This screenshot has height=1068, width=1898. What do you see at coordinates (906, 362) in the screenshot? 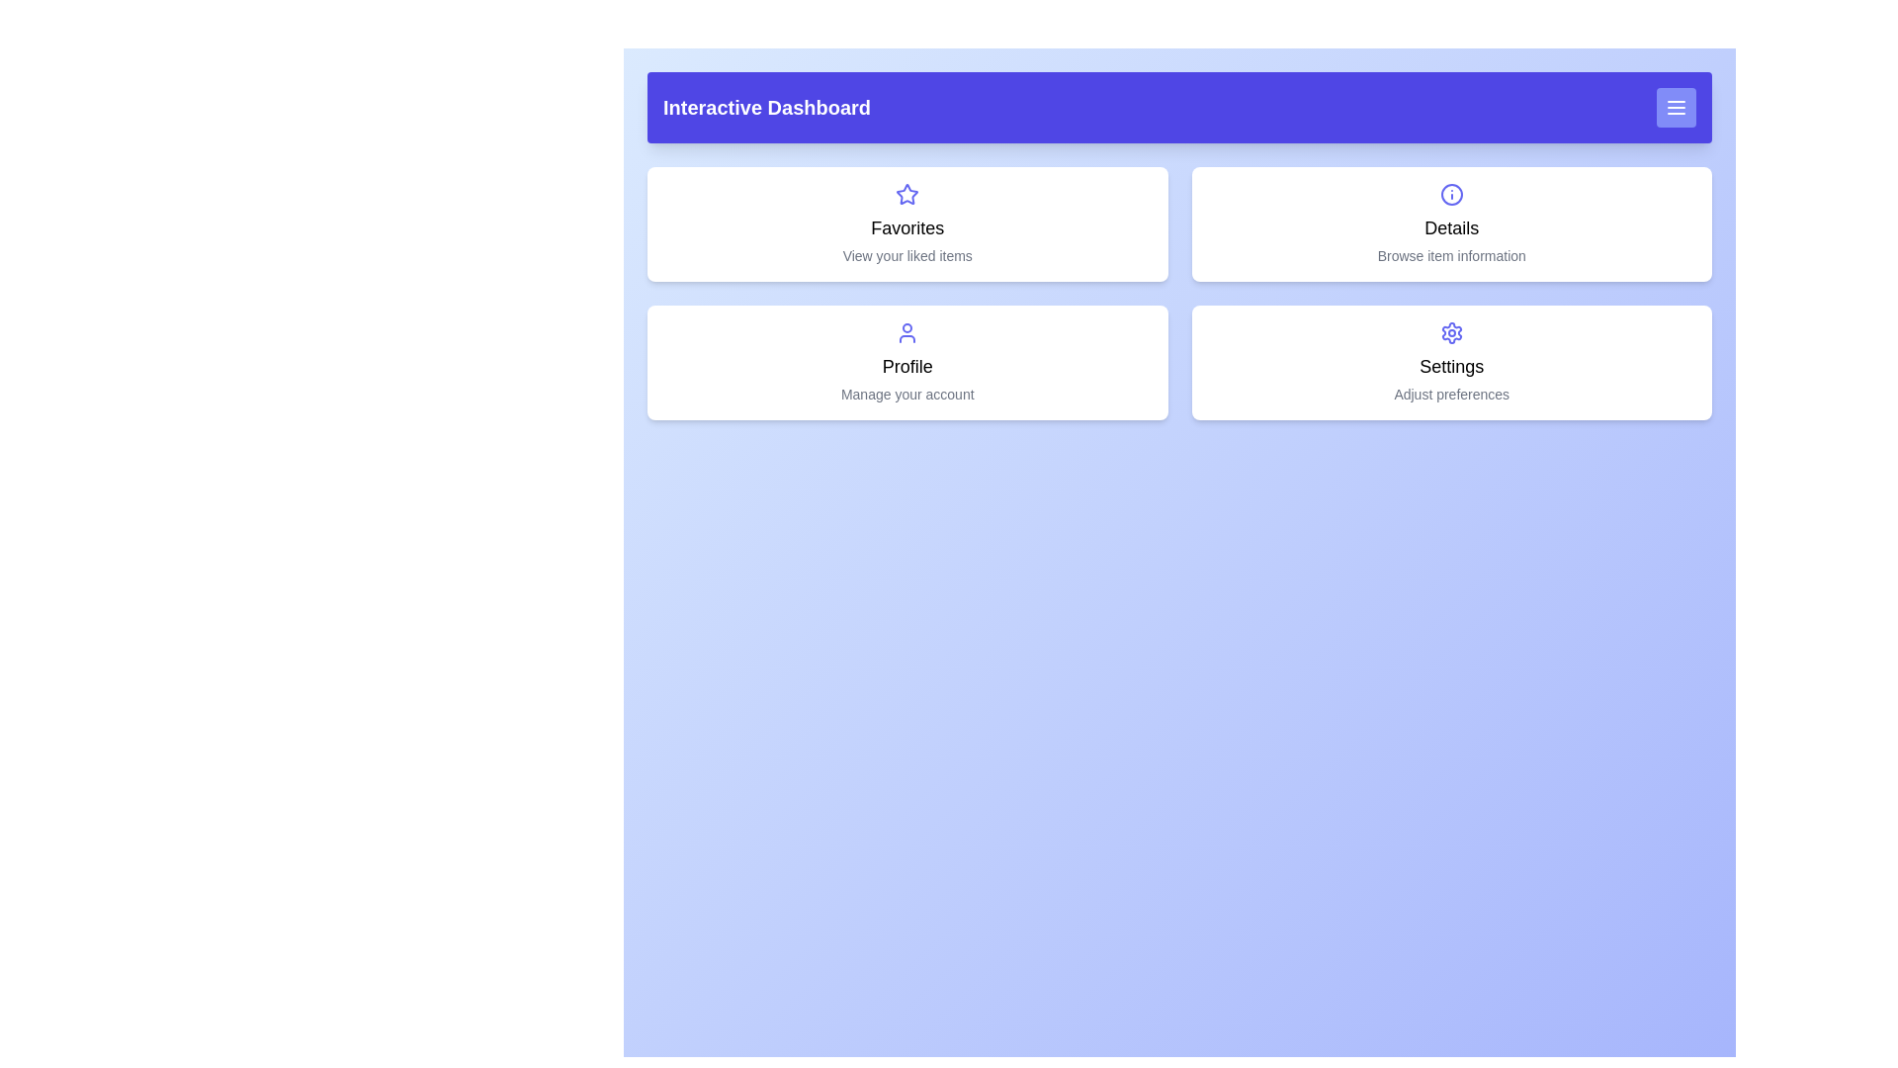
I see `the 'Profile' card to manage account settings` at bounding box center [906, 362].